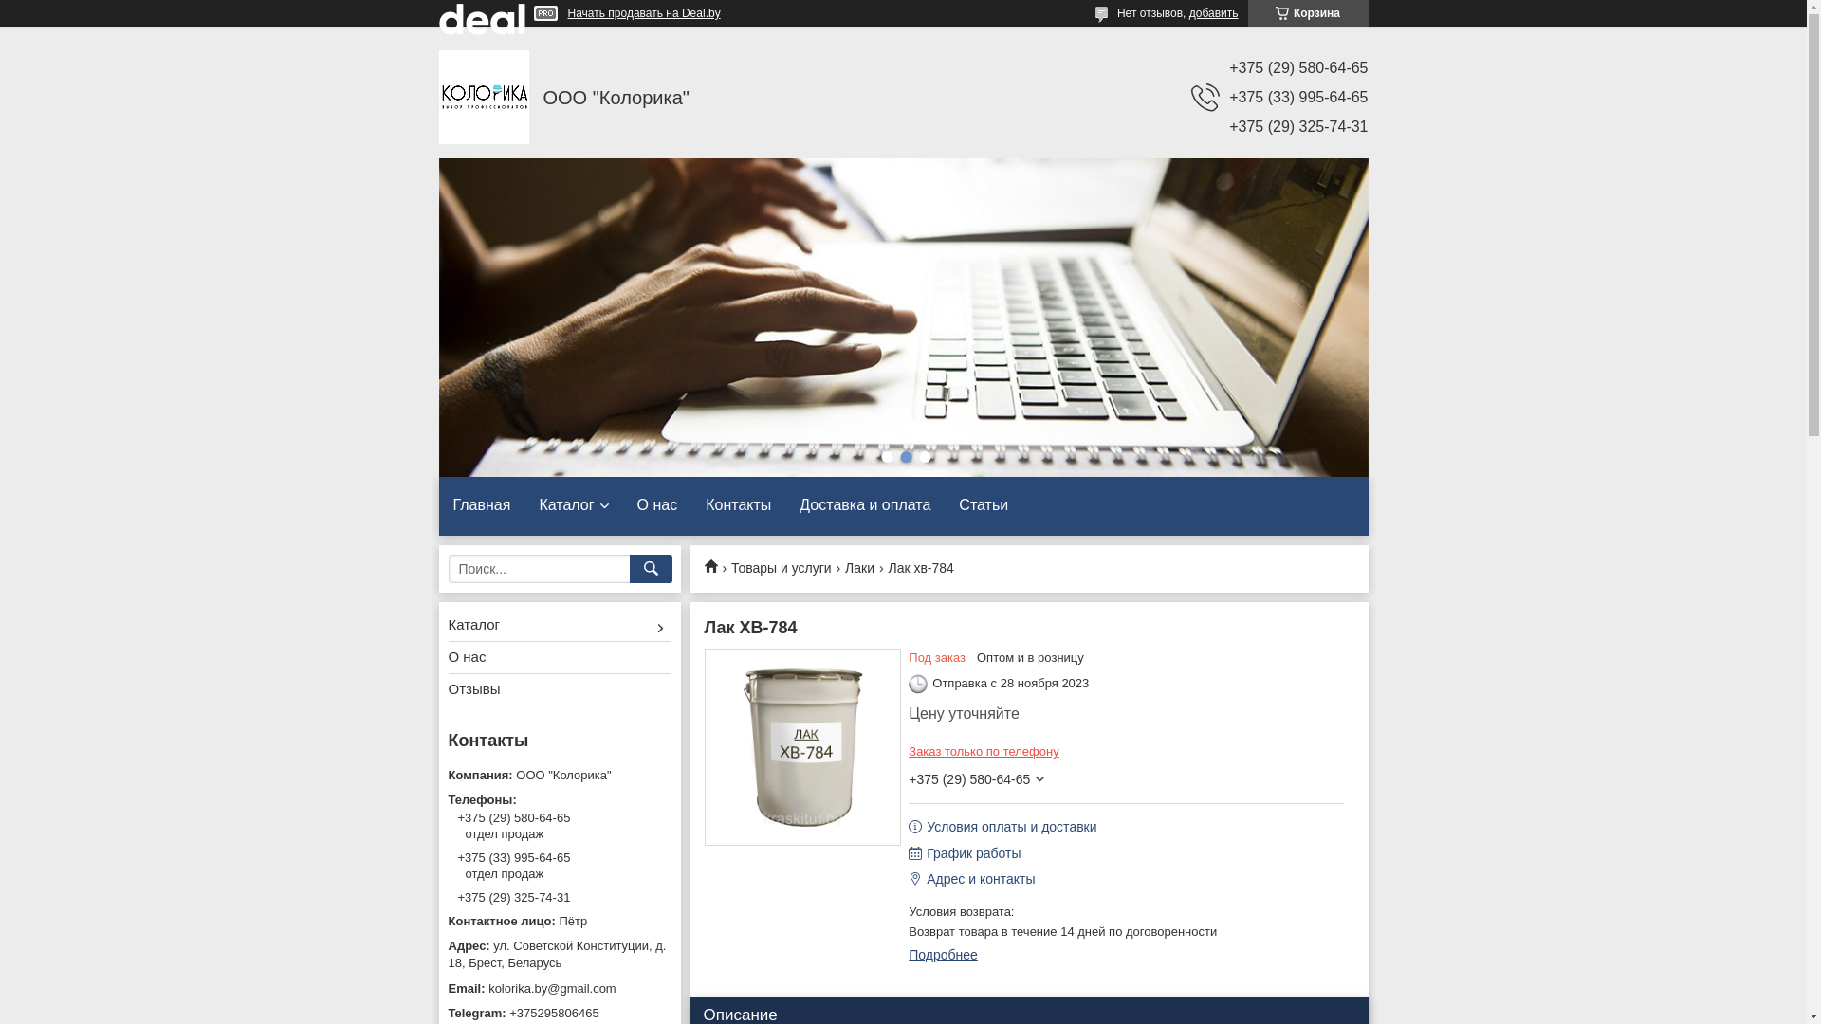 The width and height of the screenshot is (1821, 1024). Describe the element at coordinates (558, 987) in the screenshot. I see `'kolorika.by@gmail.com'` at that location.